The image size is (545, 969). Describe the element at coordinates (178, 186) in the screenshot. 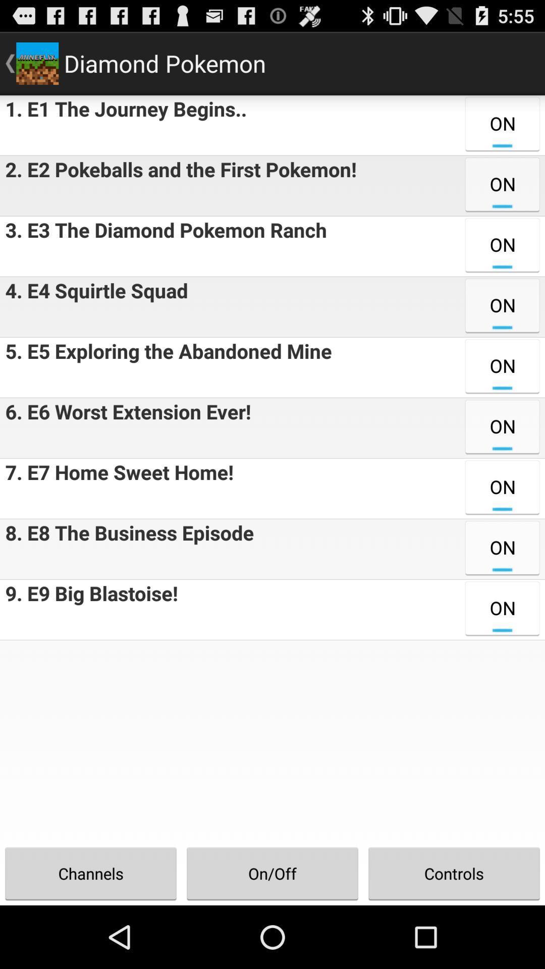

I see `the item above 3 e3 the` at that location.